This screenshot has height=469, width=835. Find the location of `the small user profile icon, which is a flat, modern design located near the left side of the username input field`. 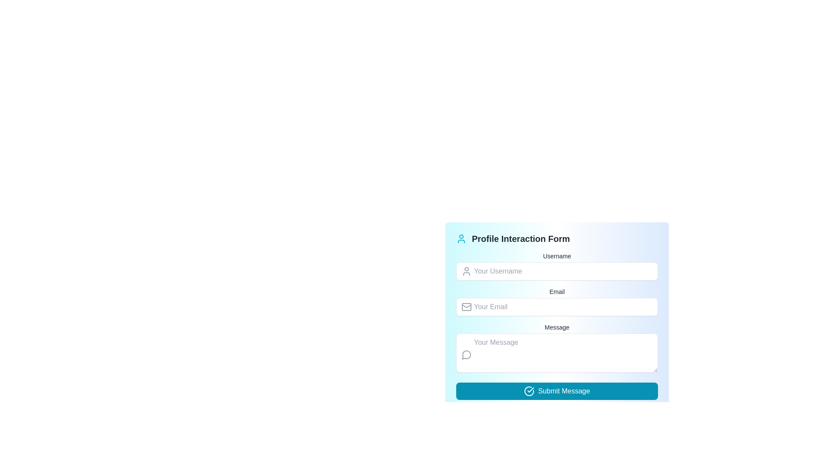

the small user profile icon, which is a flat, modern design located near the left side of the username input field is located at coordinates (466, 271).